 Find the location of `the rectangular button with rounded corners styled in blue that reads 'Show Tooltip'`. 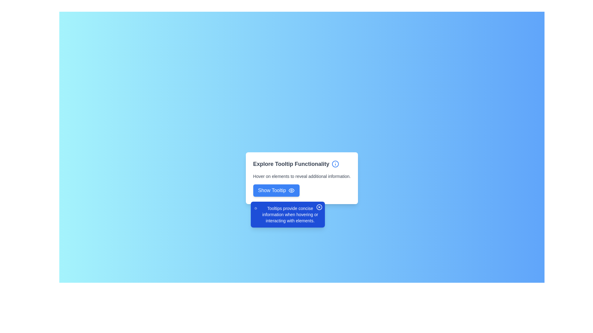

the rectangular button with rounded corners styled in blue that reads 'Show Tooltip' is located at coordinates (276, 190).